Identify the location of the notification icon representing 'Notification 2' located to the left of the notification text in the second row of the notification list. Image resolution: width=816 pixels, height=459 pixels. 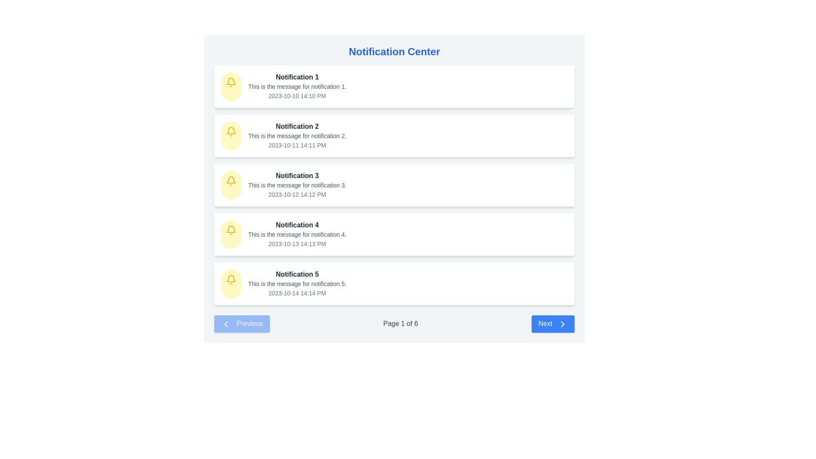
(231, 131).